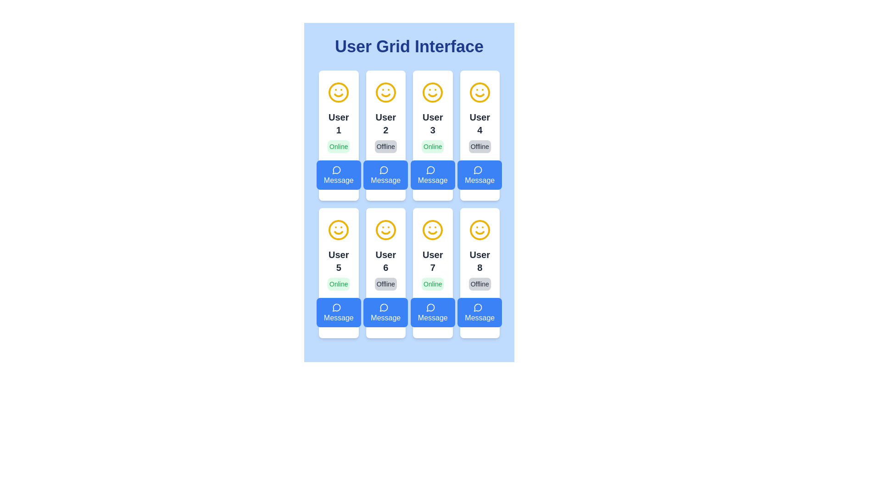 This screenshot has height=495, width=881. I want to click on the 'Message' button which contains the blue circular speech bubble icon, so click(336, 307).